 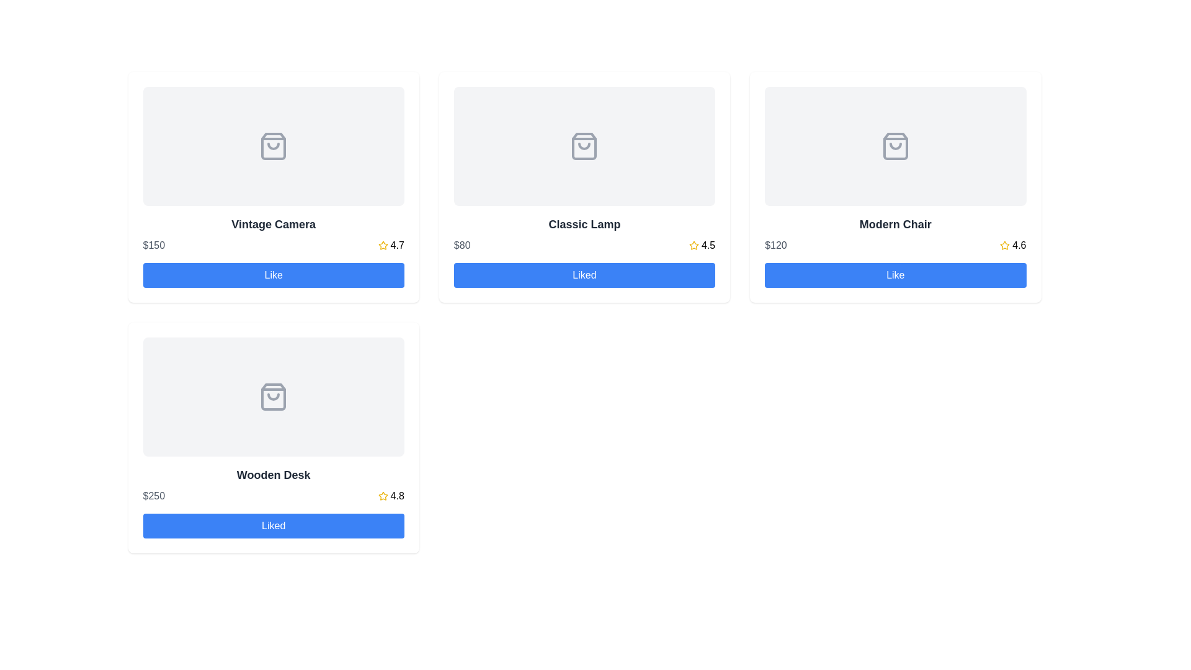 I want to click on the informational display element that contains the text 'Vintage Camera $150 4.7' with a yellow star icon, so click(x=273, y=234).